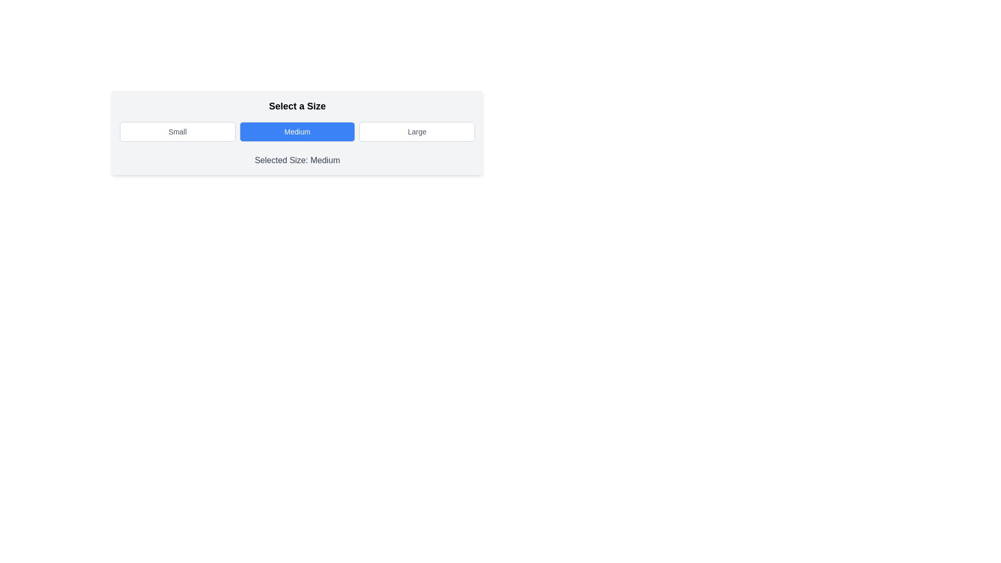  What do you see at coordinates (177, 131) in the screenshot?
I see `the 'Small' button, which is a rectangular button with rounded corners, light gray border, white background, and gray text, located on the leftmost side of the 'Select a Size' panel` at bounding box center [177, 131].